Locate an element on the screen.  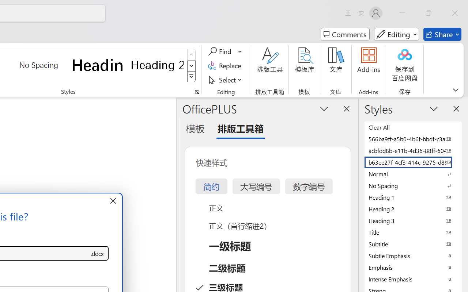
'Normal' is located at coordinates (413, 174).